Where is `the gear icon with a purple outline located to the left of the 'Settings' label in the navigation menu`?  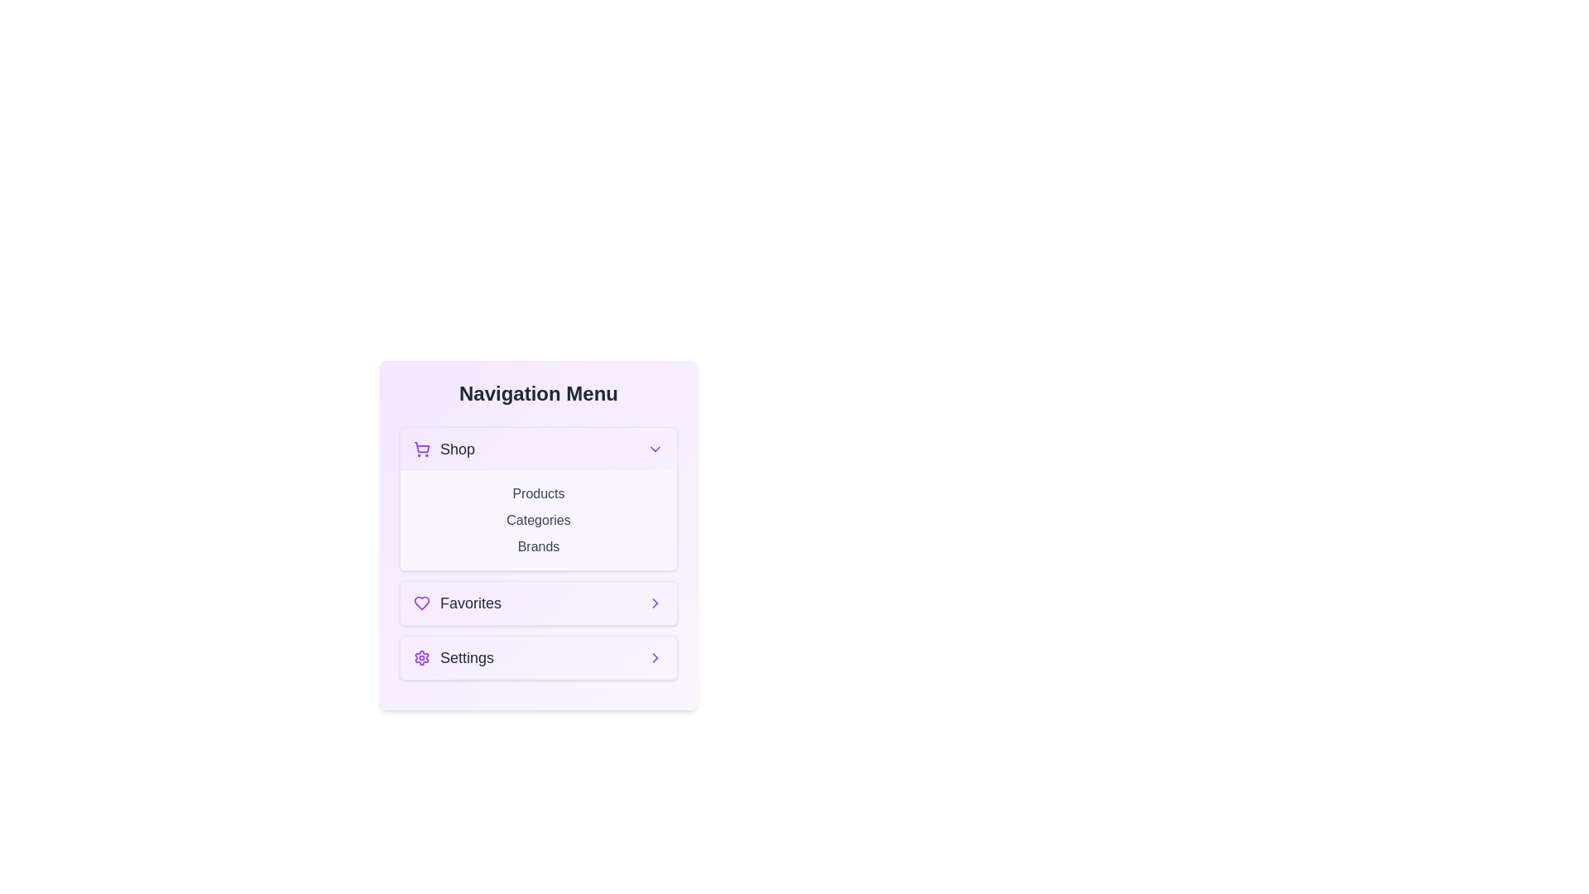 the gear icon with a purple outline located to the left of the 'Settings' label in the navigation menu is located at coordinates (421, 656).